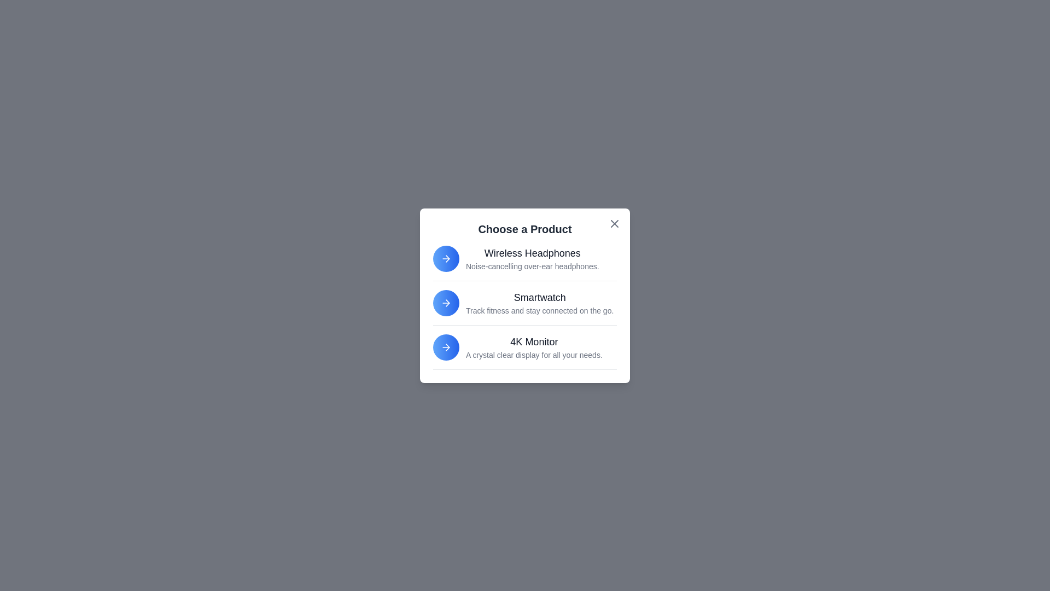 The height and width of the screenshot is (591, 1050). I want to click on the close button located at the top-right corner of the dialog, so click(614, 223).